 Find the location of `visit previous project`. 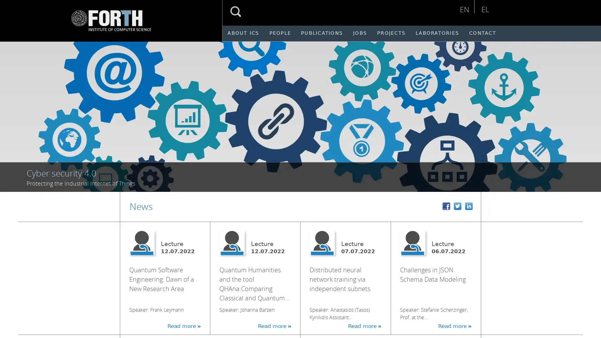

visit previous project is located at coordinates (12, 113).